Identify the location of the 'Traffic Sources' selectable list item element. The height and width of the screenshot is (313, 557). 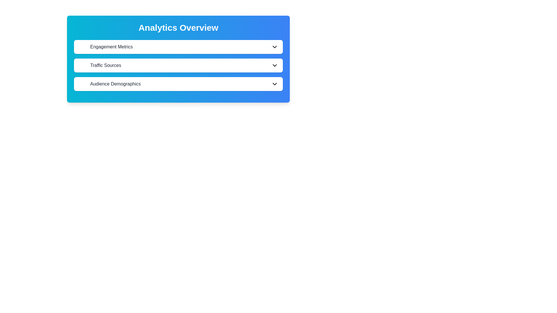
(178, 65).